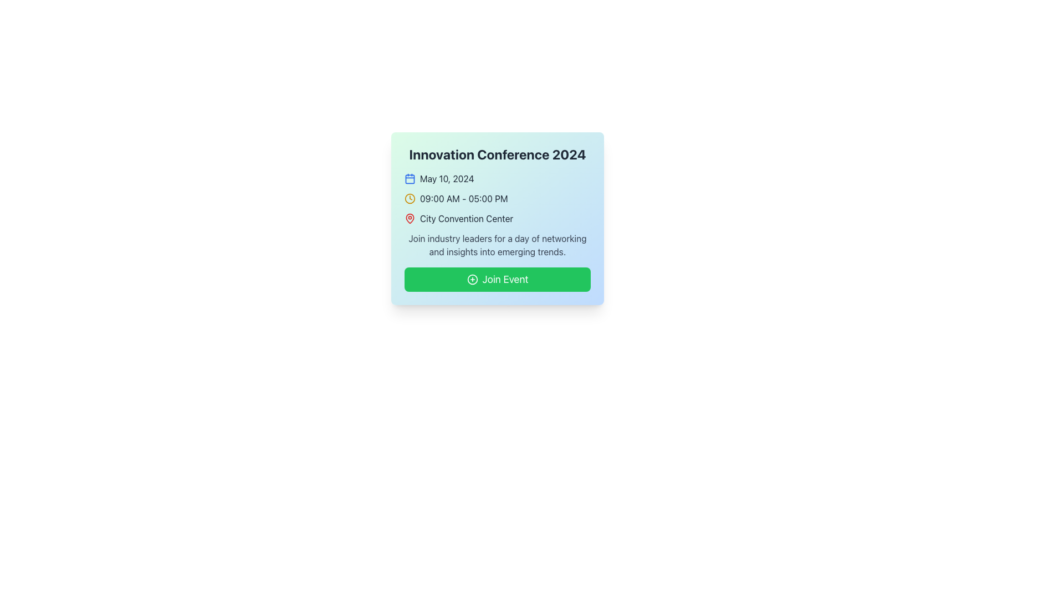  What do you see at coordinates (464, 198) in the screenshot?
I see `the text label displaying the operating hours, which is located below the calendar date line and above the venue text in the vertical list of the card` at bounding box center [464, 198].